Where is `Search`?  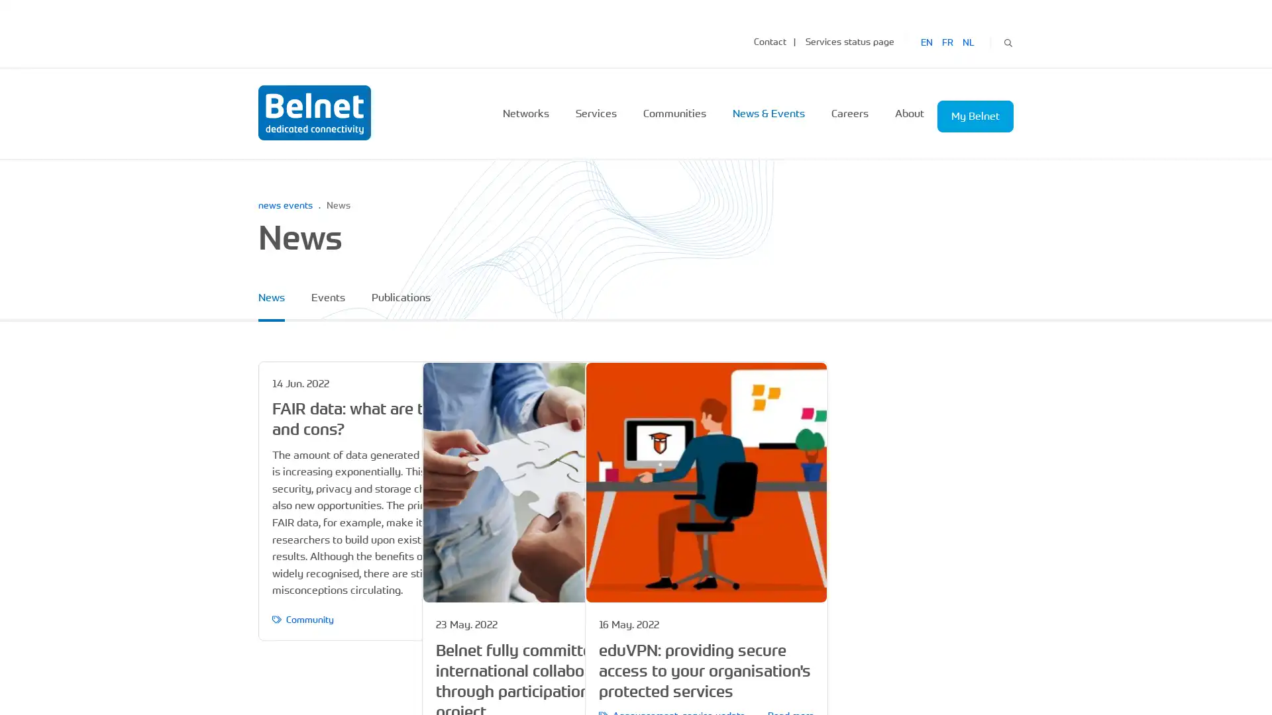 Search is located at coordinates (1007, 40).